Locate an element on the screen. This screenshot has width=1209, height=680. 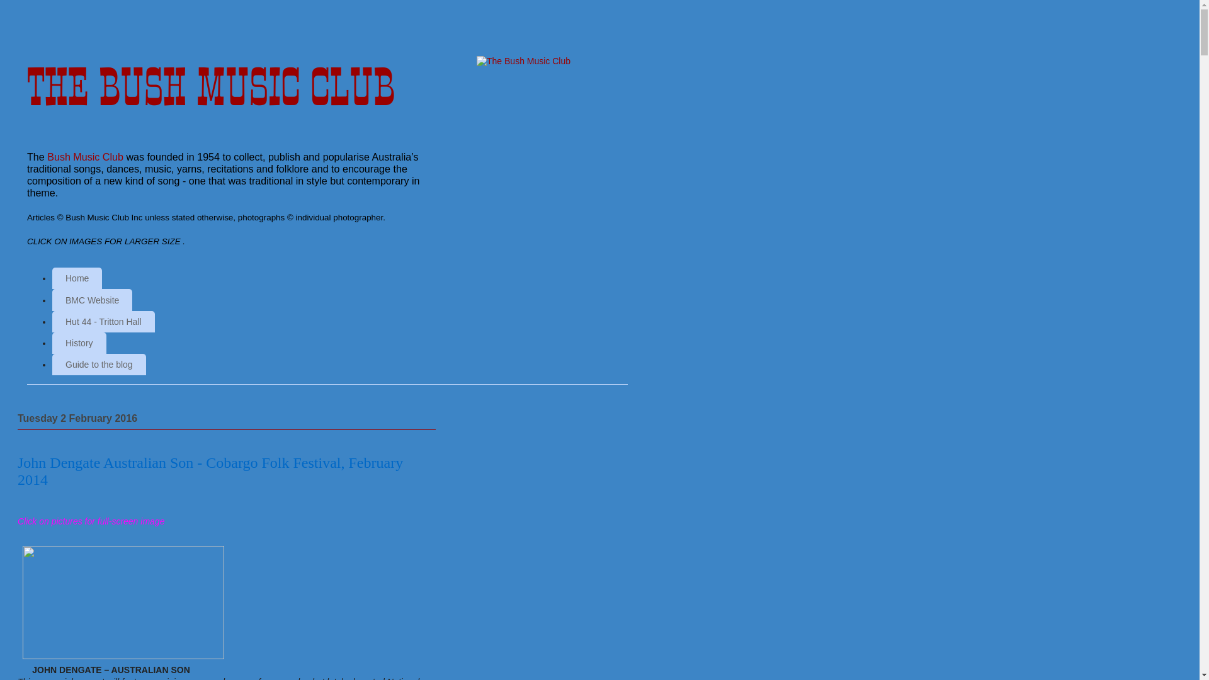
'BMC Website' is located at coordinates (51, 299).